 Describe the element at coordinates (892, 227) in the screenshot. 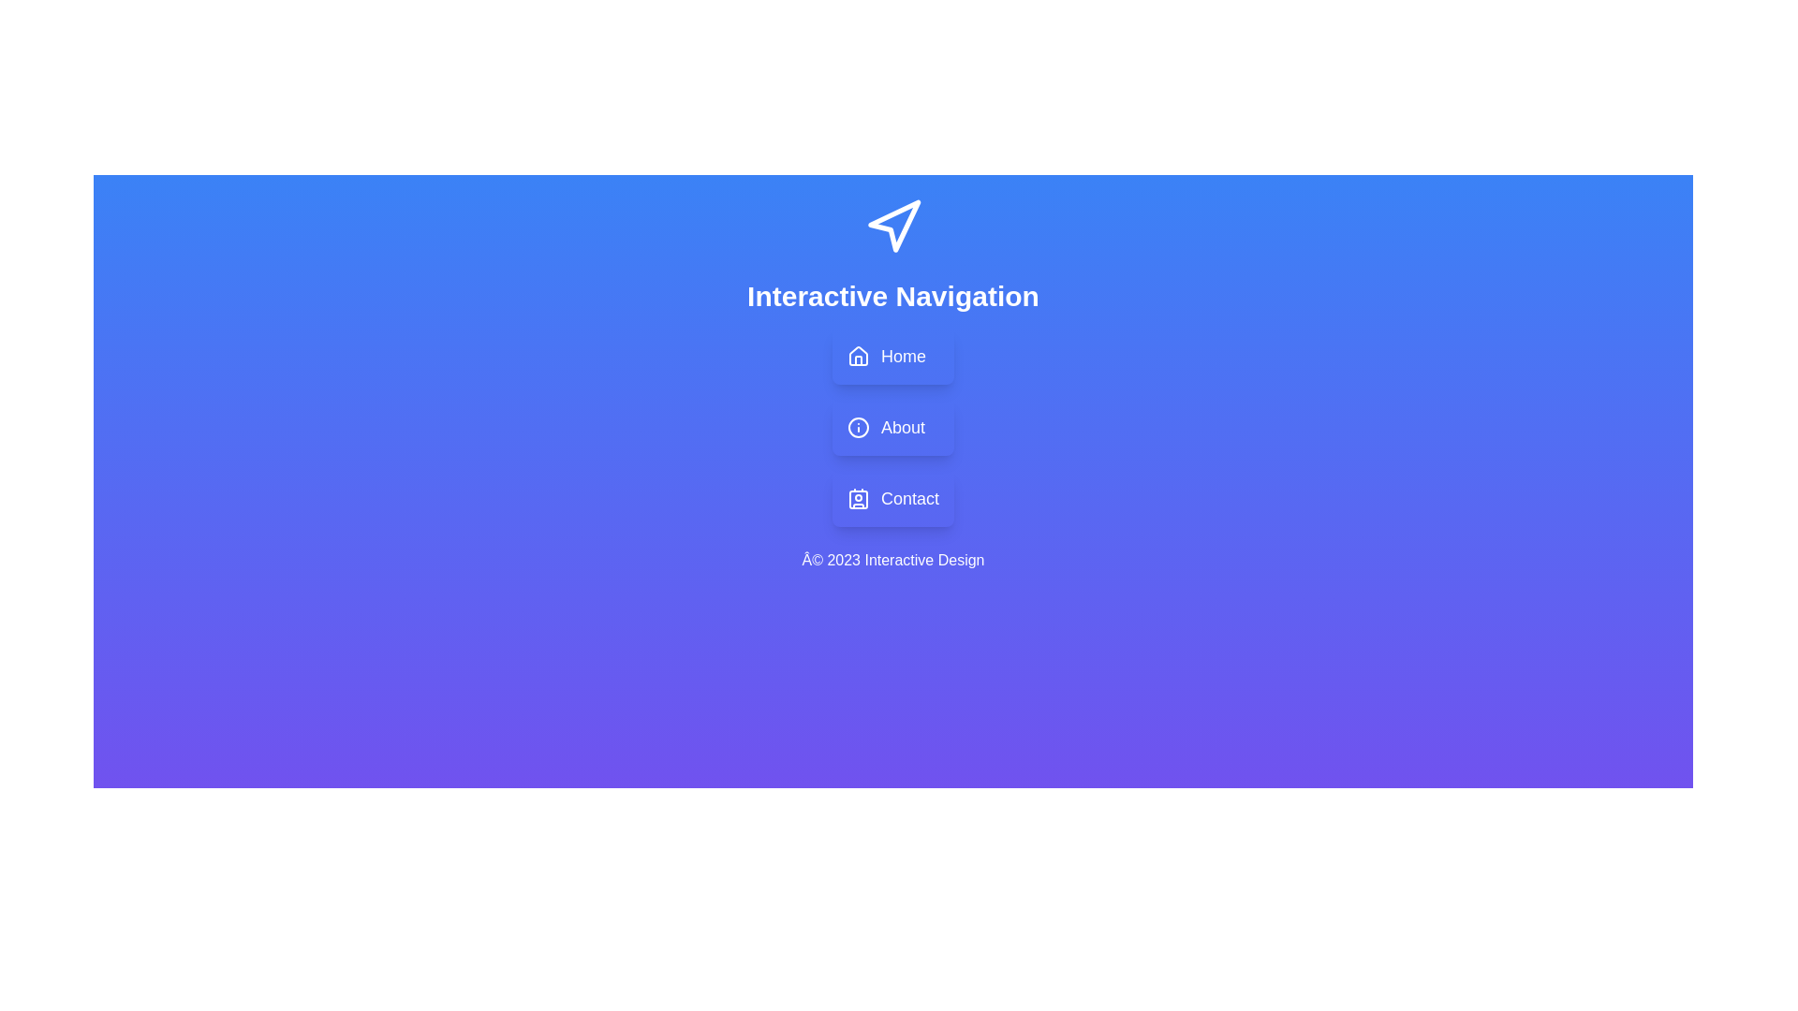

I see `the decorative graphic or icon that serves as a symbolic representation of navigation, located centrally above the 'Interactive Navigation' text element` at that location.